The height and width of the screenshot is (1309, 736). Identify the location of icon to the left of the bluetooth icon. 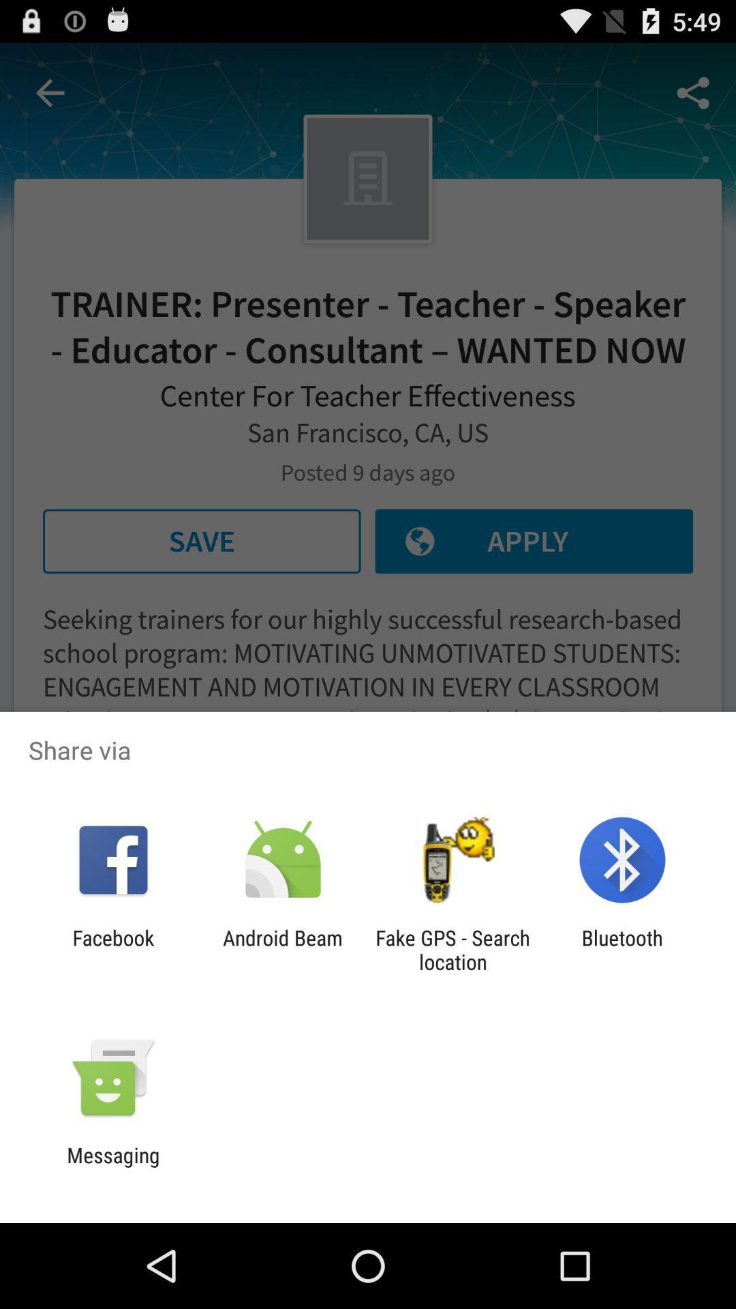
(453, 949).